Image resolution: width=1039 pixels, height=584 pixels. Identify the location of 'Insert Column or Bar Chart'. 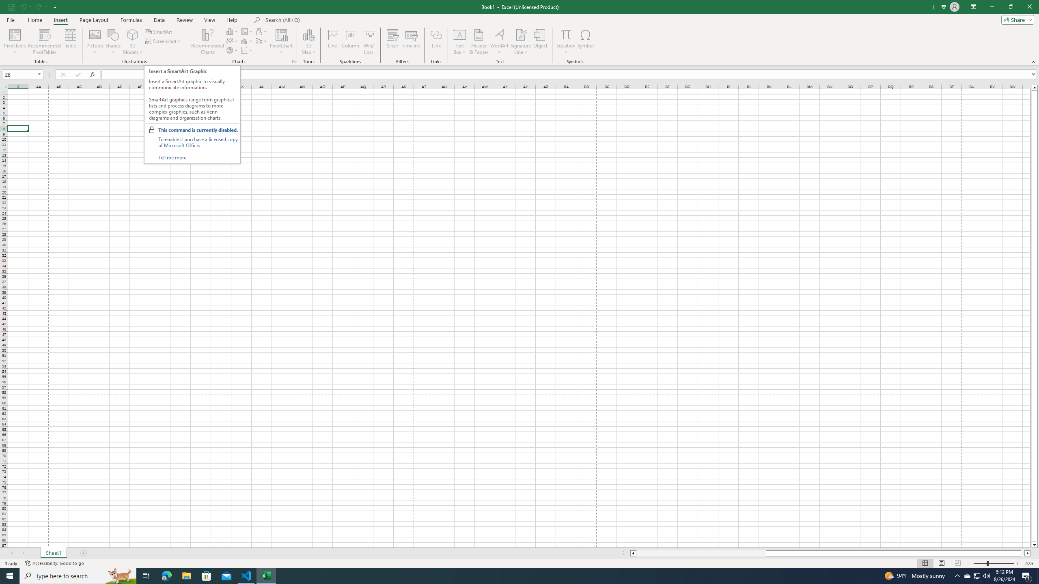
(232, 31).